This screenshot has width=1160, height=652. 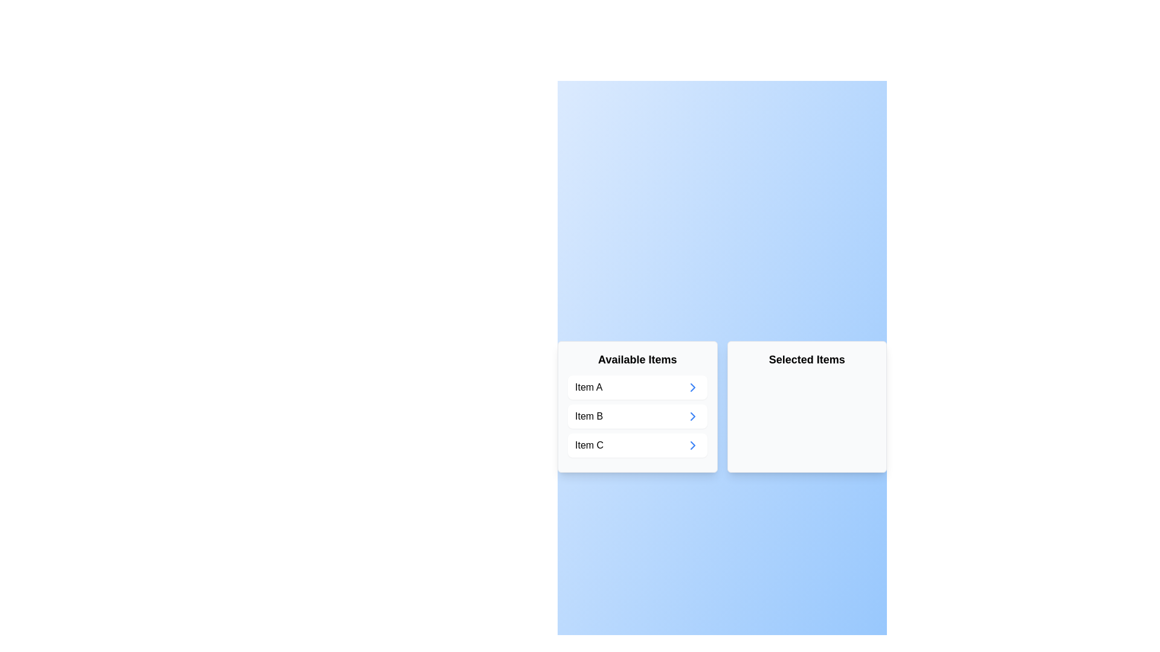 What do you see at coordinates (692, 387) in the screenshot?
I see `arrow button associated with Item A to transfer it from 'Available Items' to 'Selected Items'` at bounding box center [692, 387].